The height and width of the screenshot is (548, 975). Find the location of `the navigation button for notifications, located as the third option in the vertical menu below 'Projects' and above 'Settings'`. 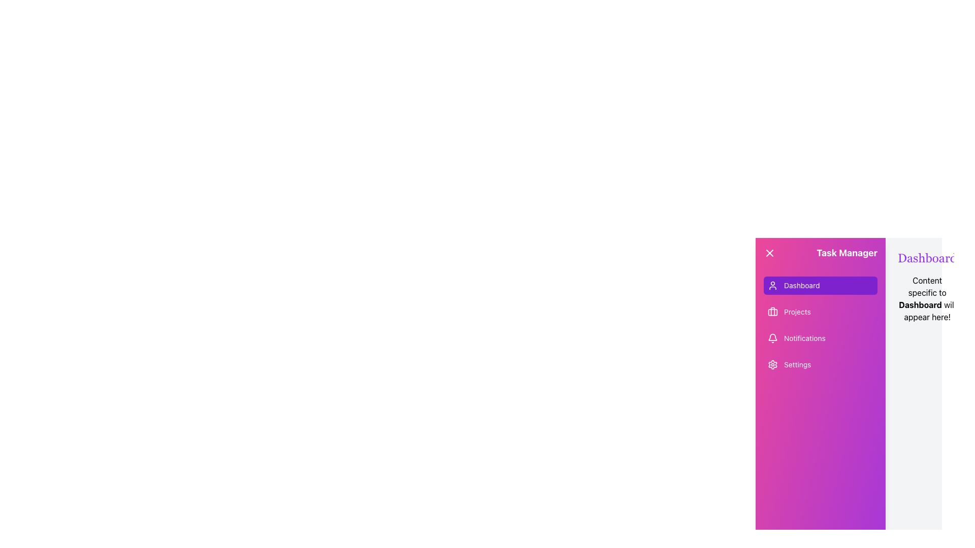

the navigation button for notifications, located as the third option in the vertical menu below 'Projects' and above 'Settings' is located at coordinates (821, 338).